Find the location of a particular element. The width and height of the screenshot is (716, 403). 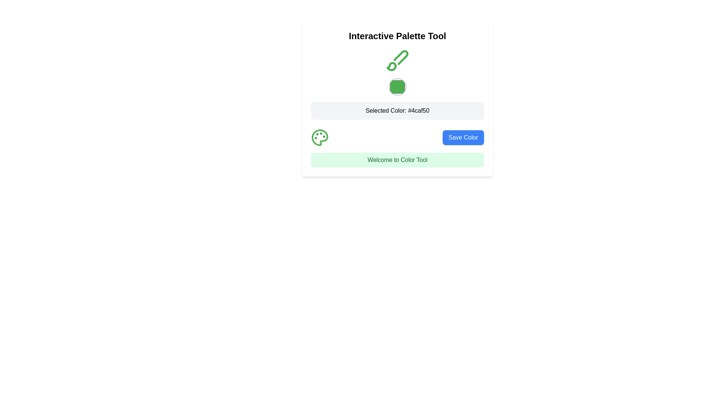

the save button located on the right side of the horizontal group in the bottom portion of the interface is located at coordinates (463, 138).